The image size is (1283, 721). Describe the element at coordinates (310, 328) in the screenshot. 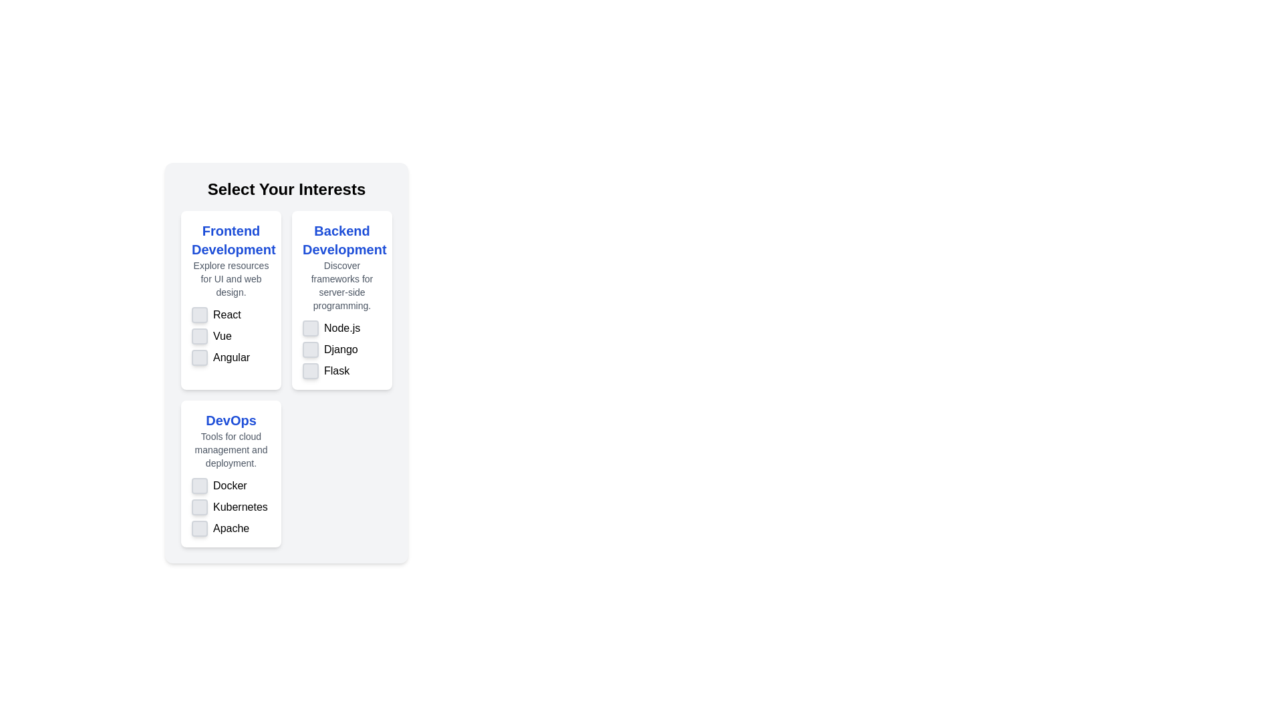

I see `the checkbox for 'Node.js' located in the 'Backend Development' column under 'Select Your Interests'` at that location.